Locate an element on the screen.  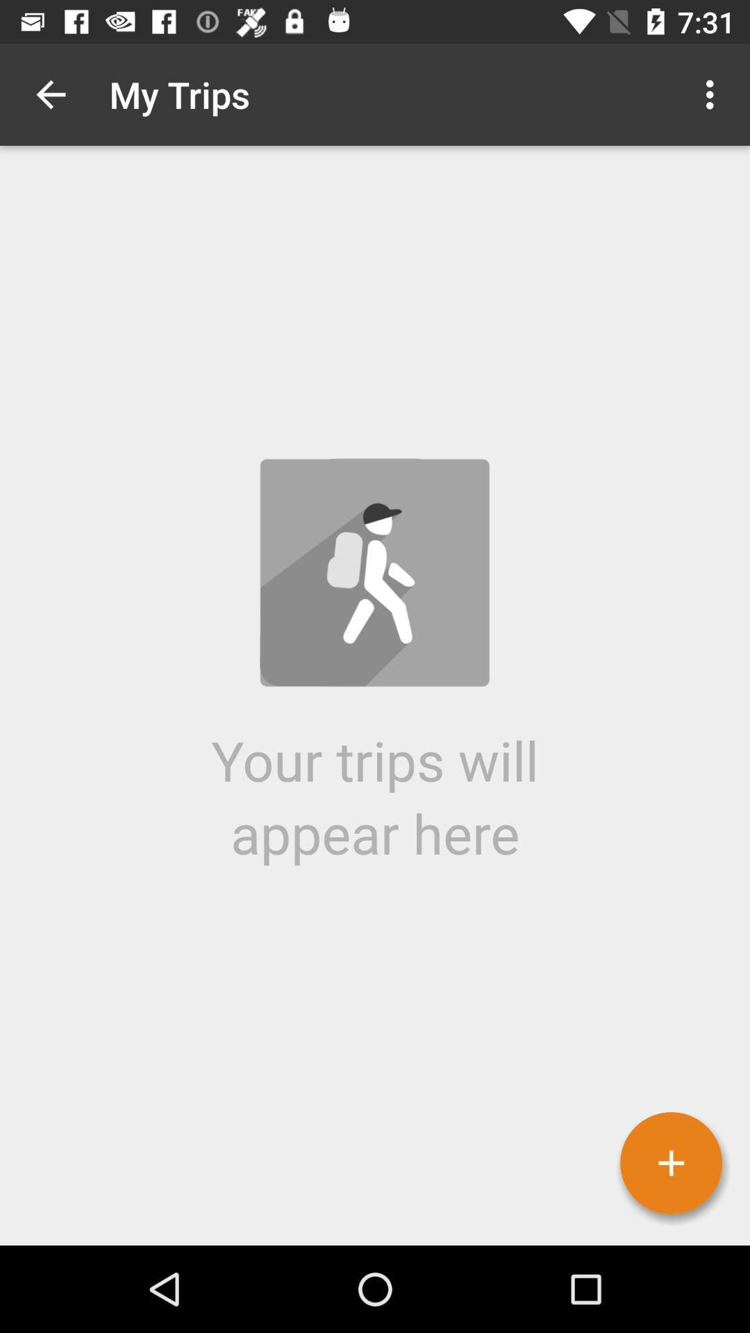
the icon next to the my trips item is located at coordinates (50, 94).